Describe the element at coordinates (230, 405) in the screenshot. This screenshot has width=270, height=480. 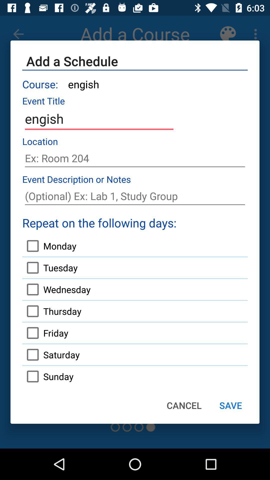
I see `the save item` at that location.